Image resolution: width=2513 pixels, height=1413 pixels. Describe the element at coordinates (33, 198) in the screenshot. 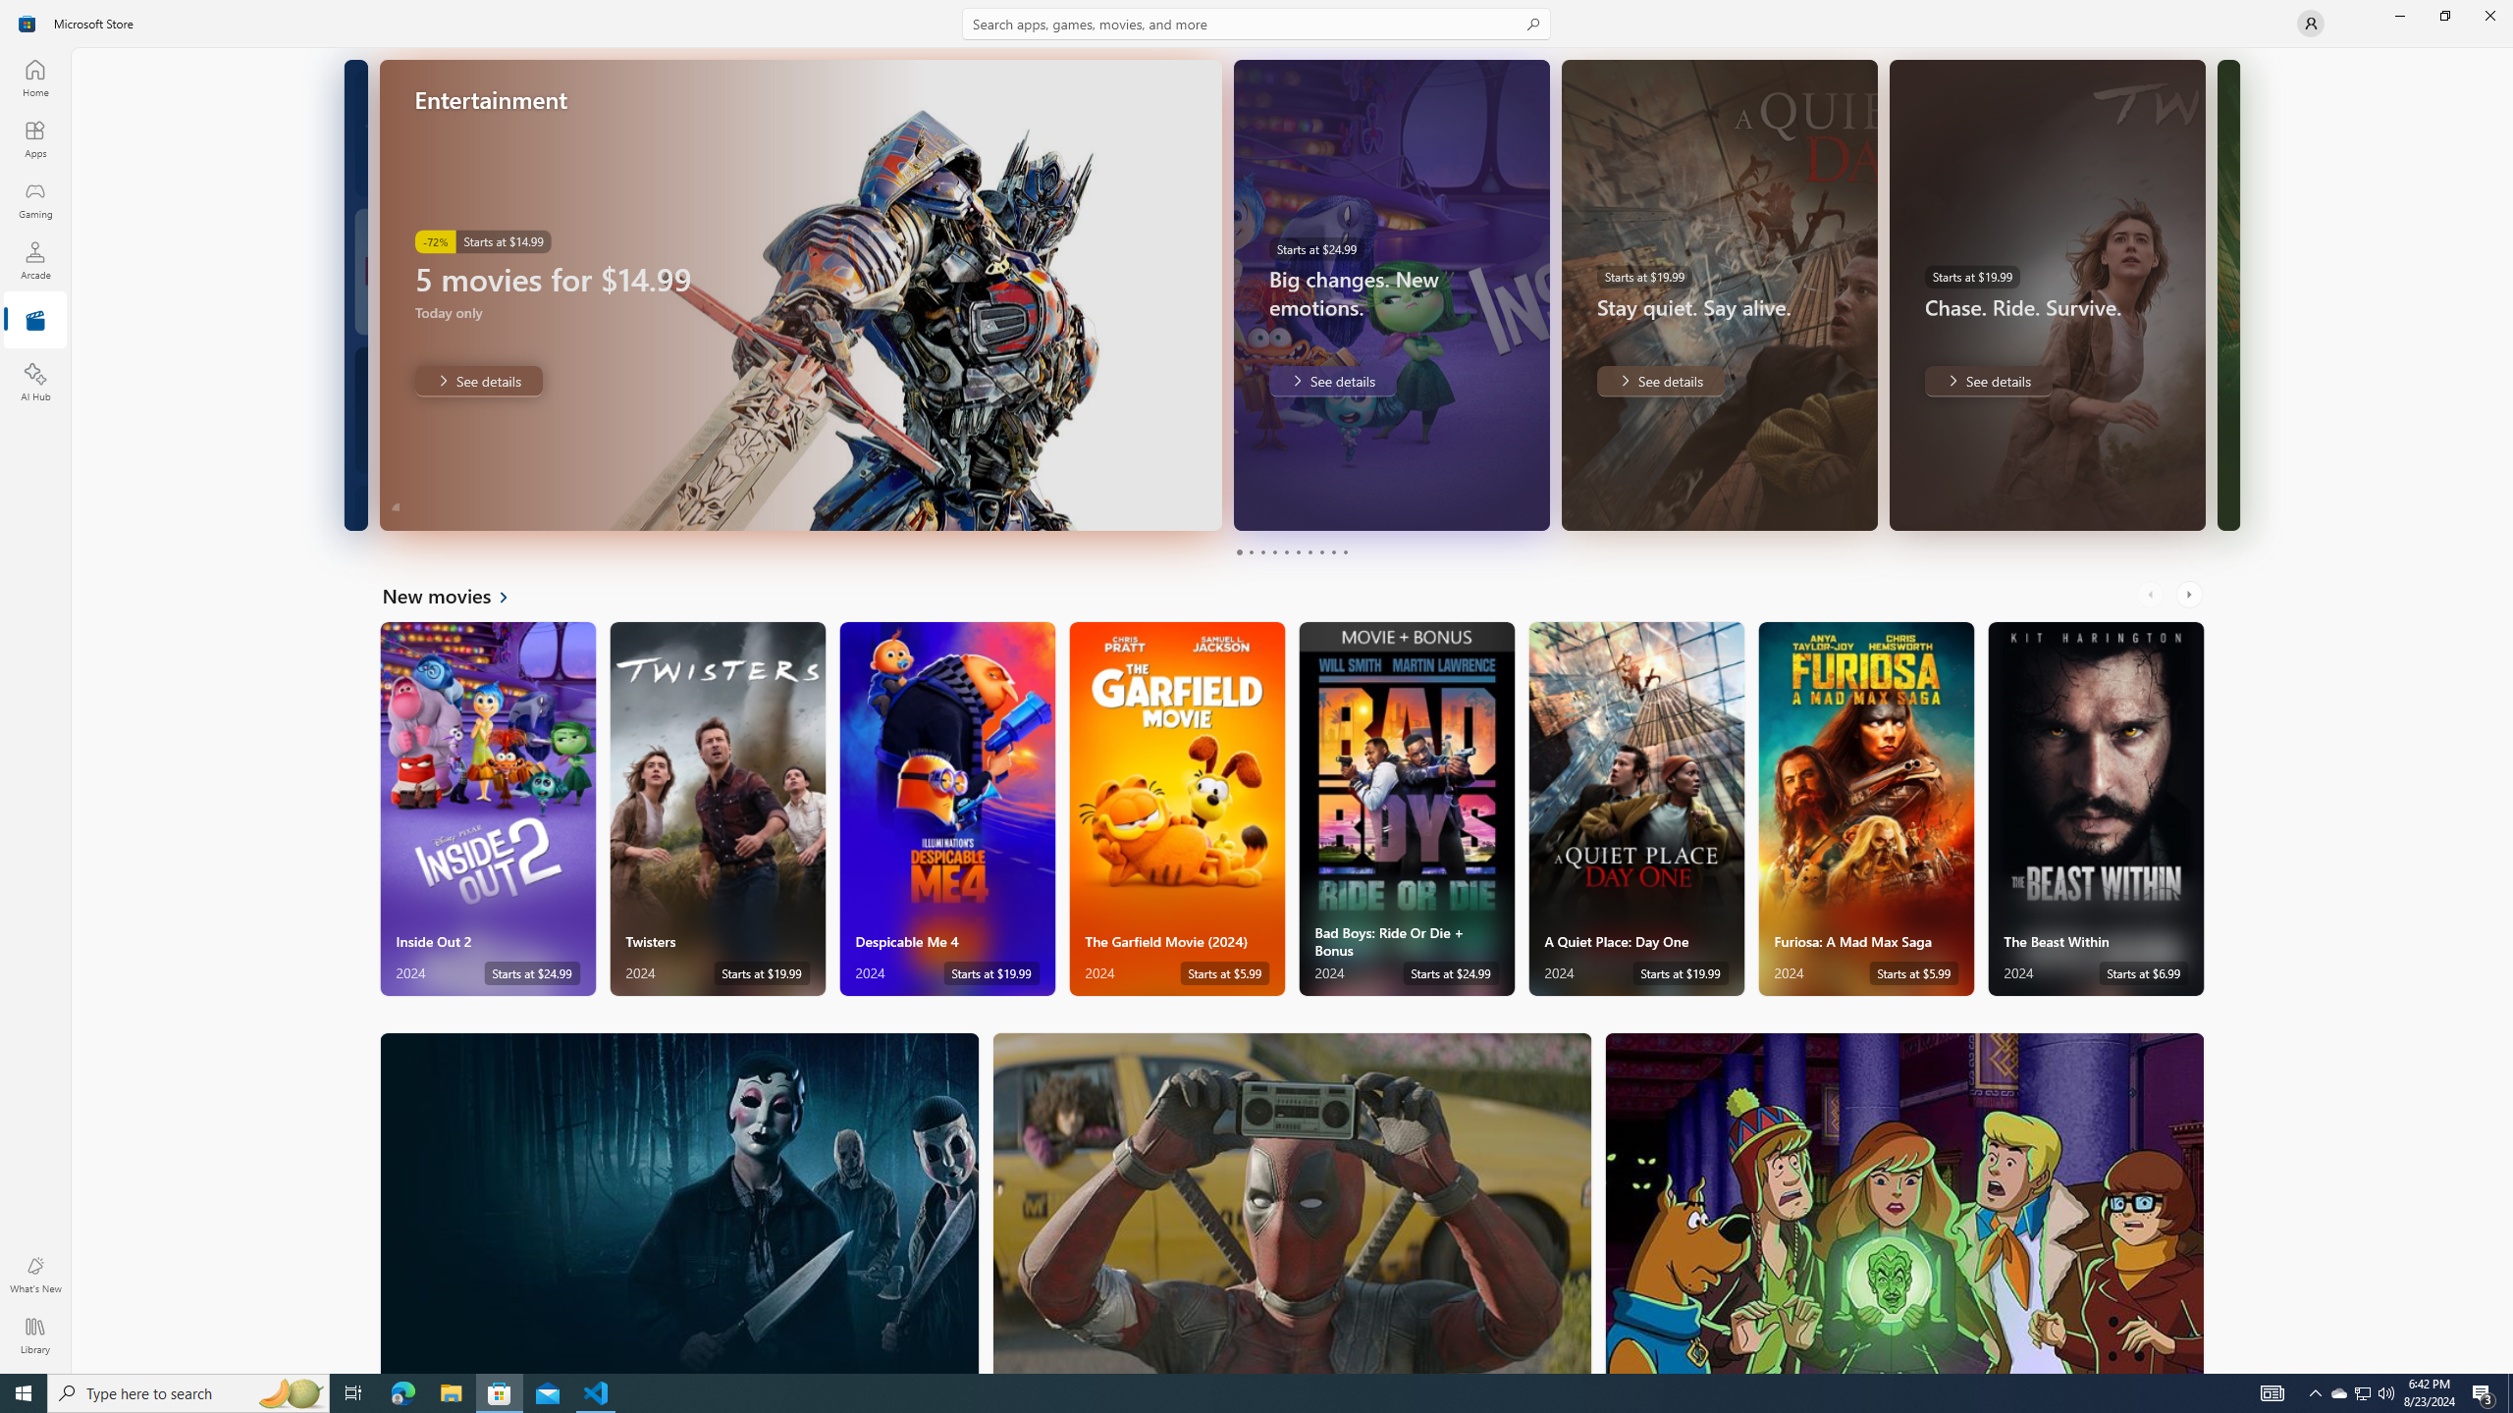

I see `'Gaming'` at that location.